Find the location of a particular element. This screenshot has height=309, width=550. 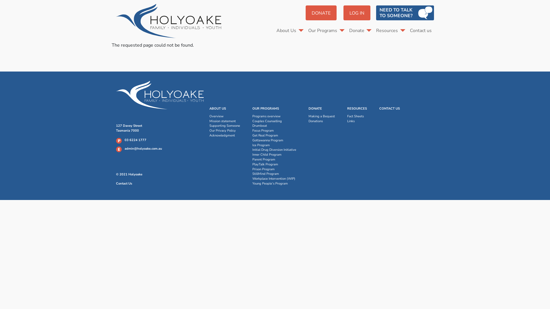

'CONTACT US' is located at coordinates (389, 109).